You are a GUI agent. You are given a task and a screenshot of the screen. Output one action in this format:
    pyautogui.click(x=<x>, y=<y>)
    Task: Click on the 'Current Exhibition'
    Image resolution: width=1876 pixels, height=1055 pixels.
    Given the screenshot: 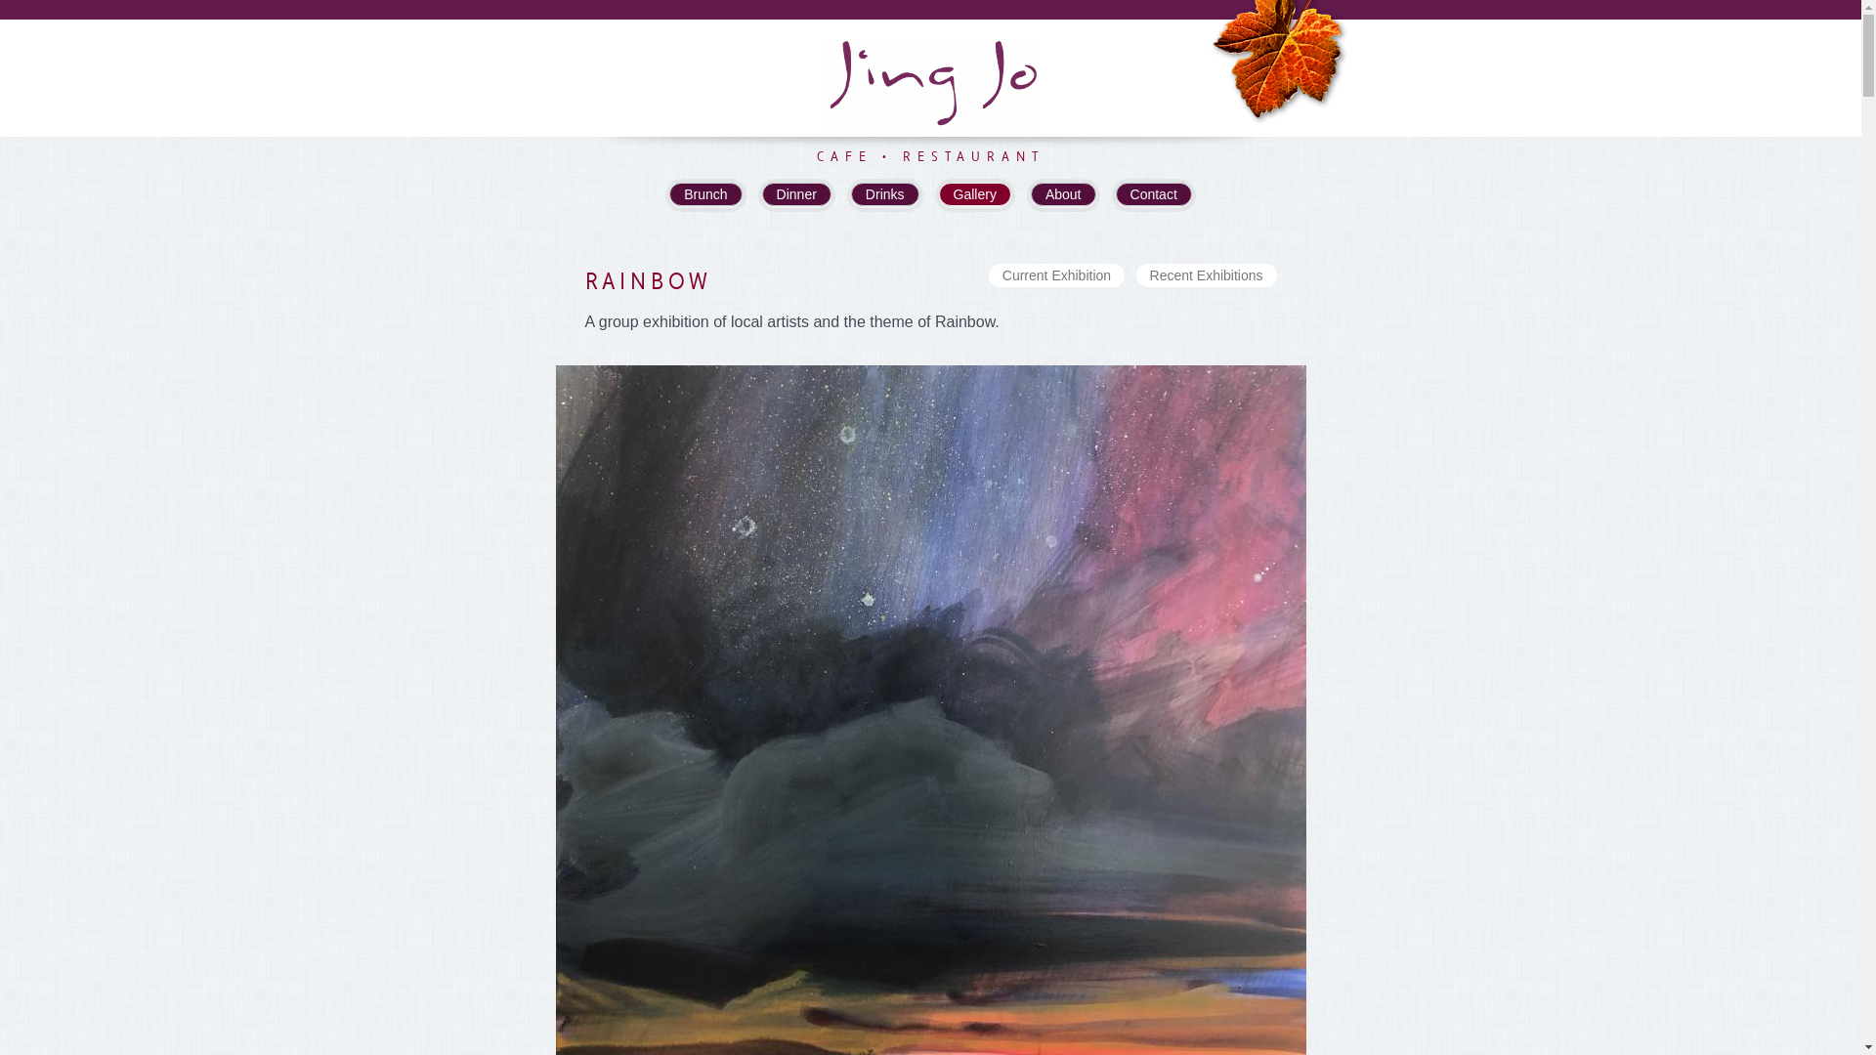 What is the action you would take?
    pyautogui.click(x=989, y=274)
    